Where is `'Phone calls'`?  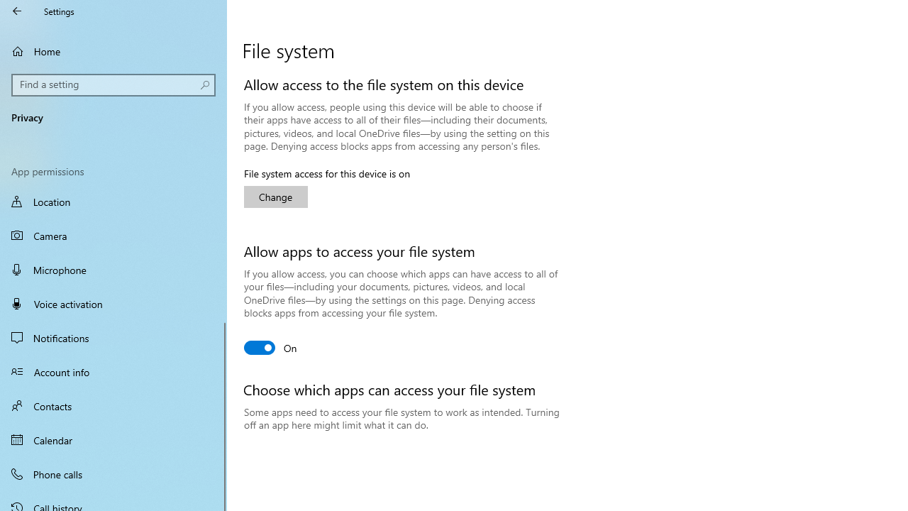 'Phone calls' is located at coordinates (113, 473).